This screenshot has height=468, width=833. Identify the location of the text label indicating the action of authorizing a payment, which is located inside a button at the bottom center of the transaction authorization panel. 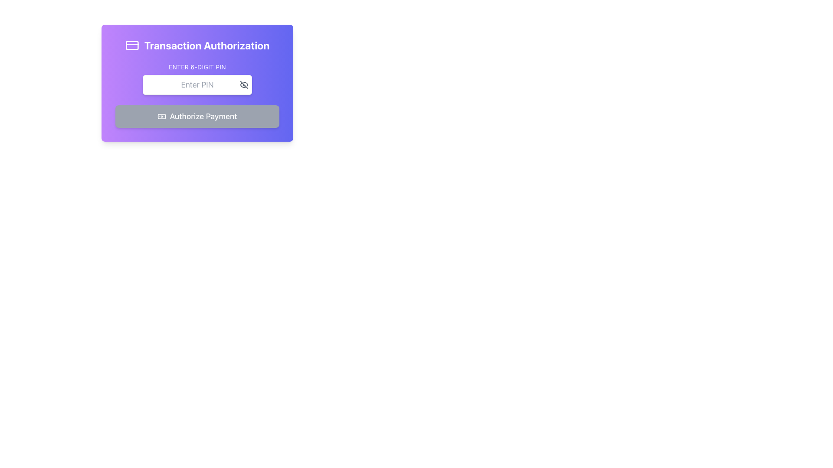
(203, 116).